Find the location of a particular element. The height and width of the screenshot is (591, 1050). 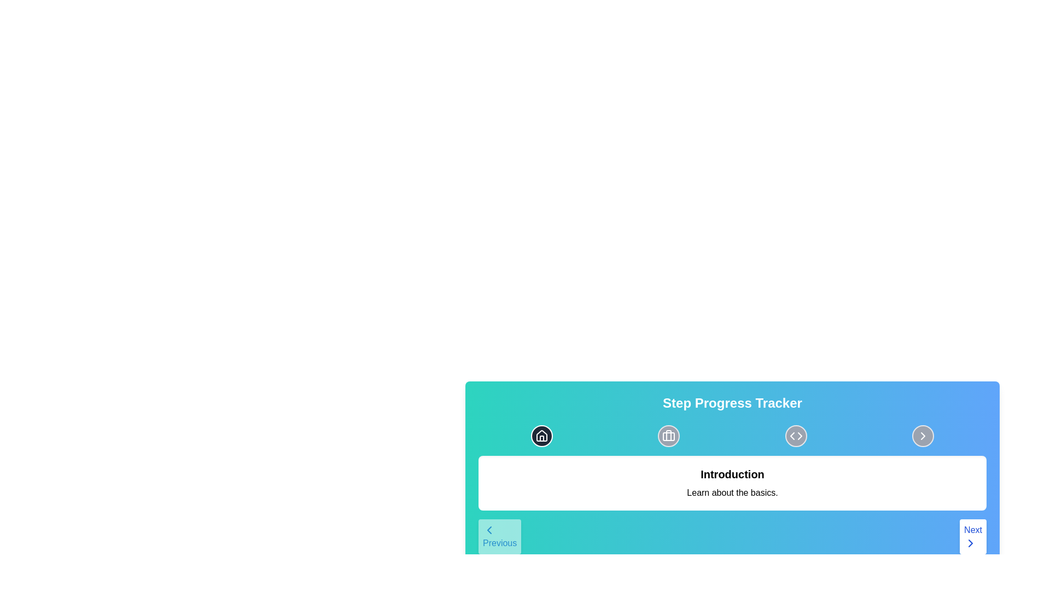

the appearance of the right chevron arrow icon located at the far right end of the blue gradient navigation bar, part of the fourth circular button is located at coordinates (922, 436).